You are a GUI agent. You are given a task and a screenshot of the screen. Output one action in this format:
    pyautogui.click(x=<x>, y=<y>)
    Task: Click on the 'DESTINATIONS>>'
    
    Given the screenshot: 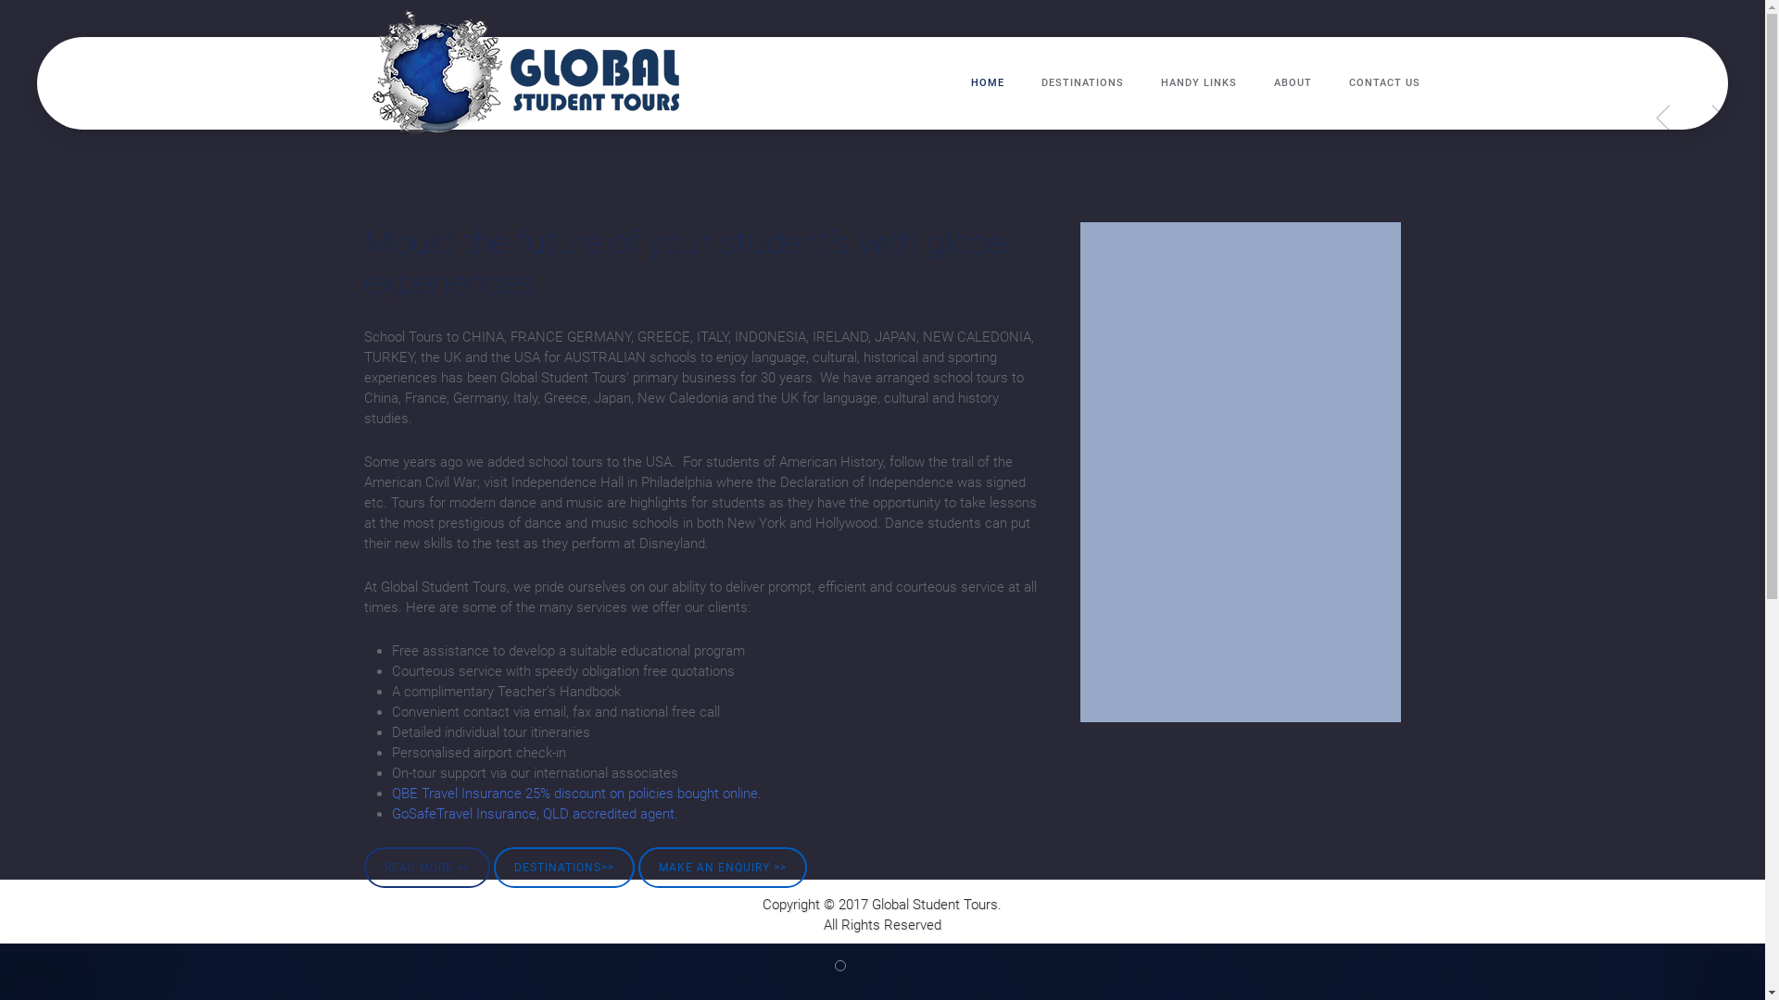 What is the action you would take?
    pyautogui.click(x=493, y=868)
    